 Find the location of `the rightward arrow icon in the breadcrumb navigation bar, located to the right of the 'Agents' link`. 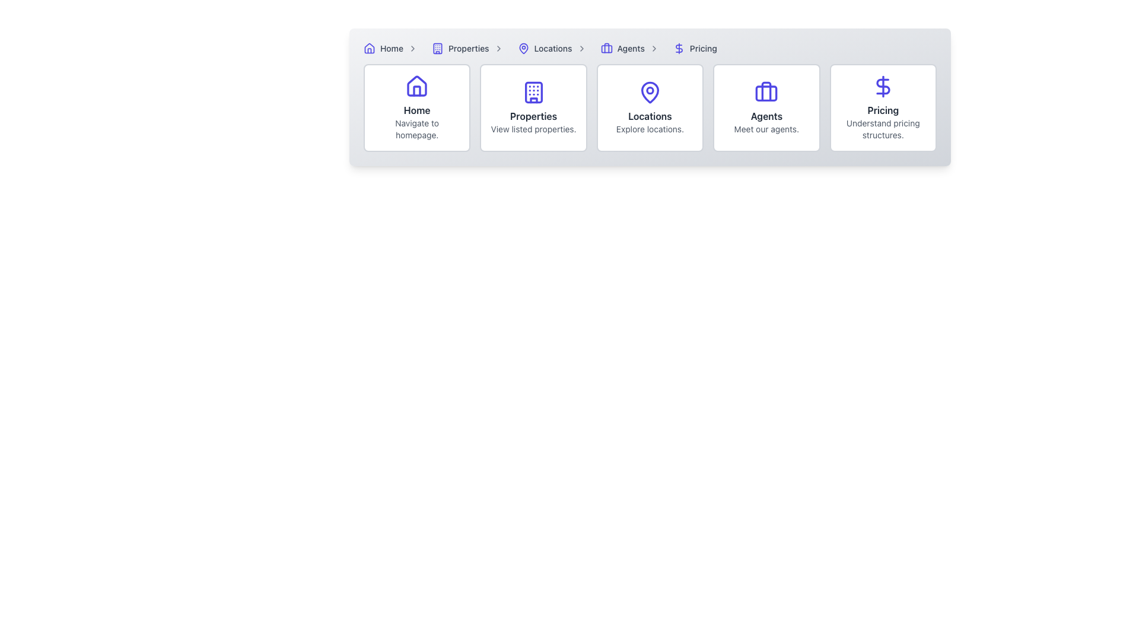

the rightward arrow icon in the breadcrumb navigation bar, located to the right of the 'Agents' link is located at coordinates (653, 47).